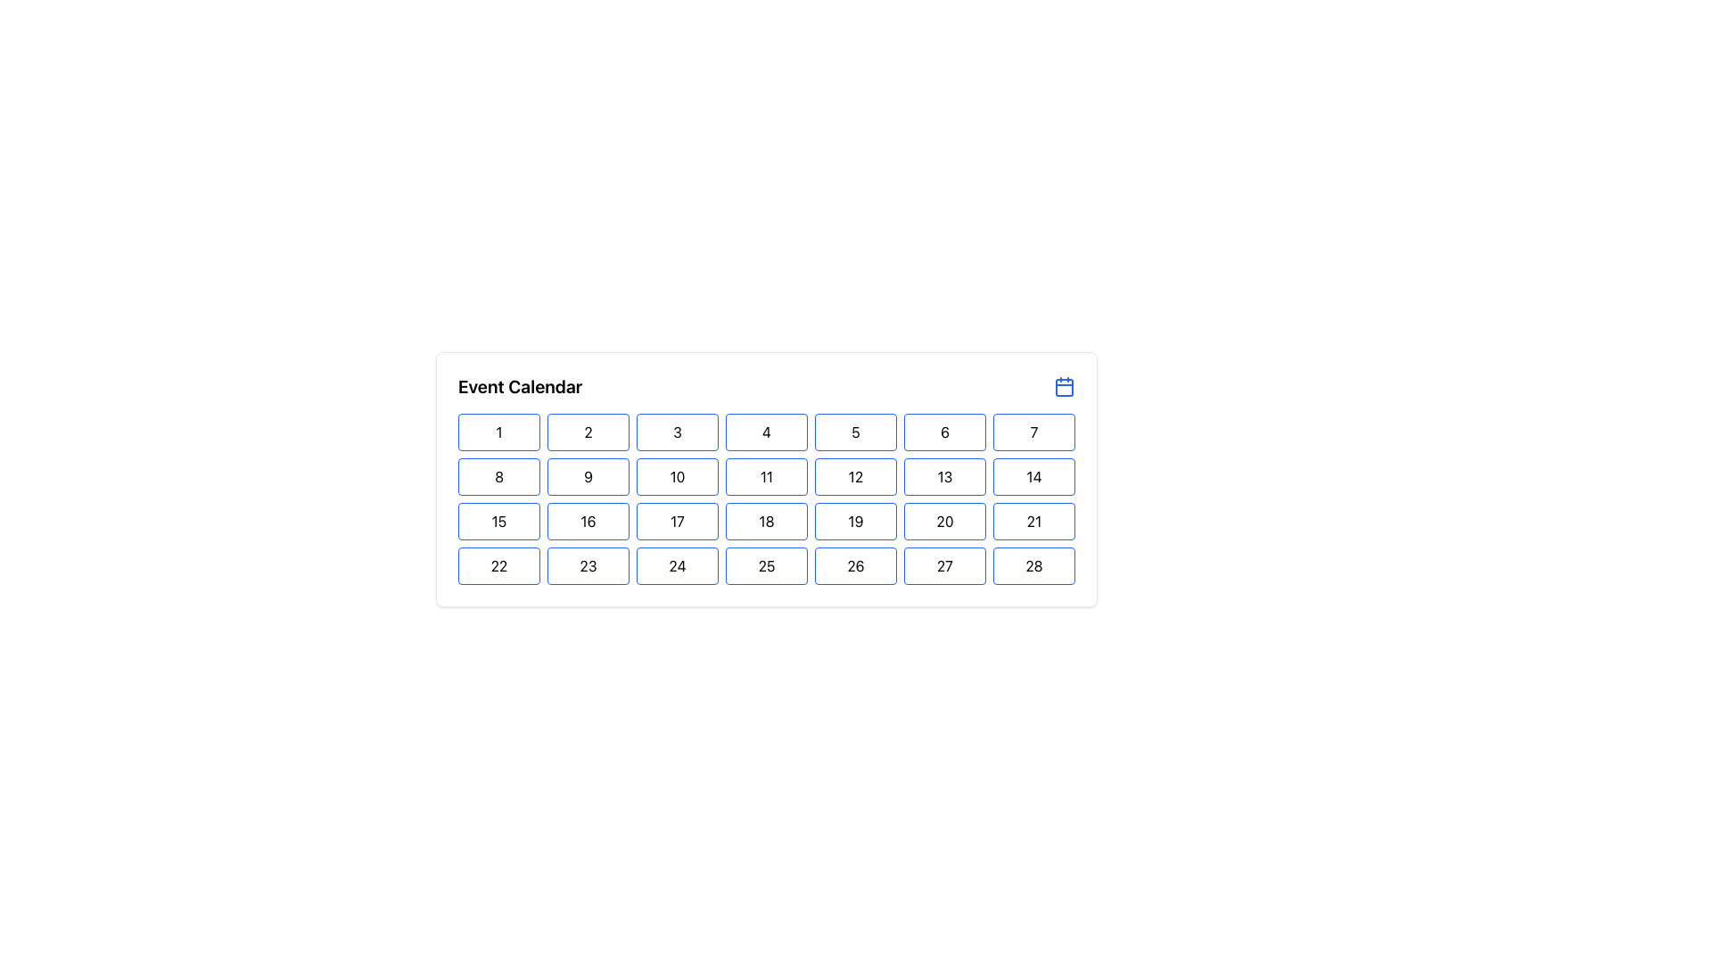 This screenshot has height=963, width=1712. Describe the element at coordinates (1034, 566) in the screenshot. I see `the button displaying the number '28' with a thin blue border in the bottom-right corner of the calendar grid to trigger the hover effect` at that location.